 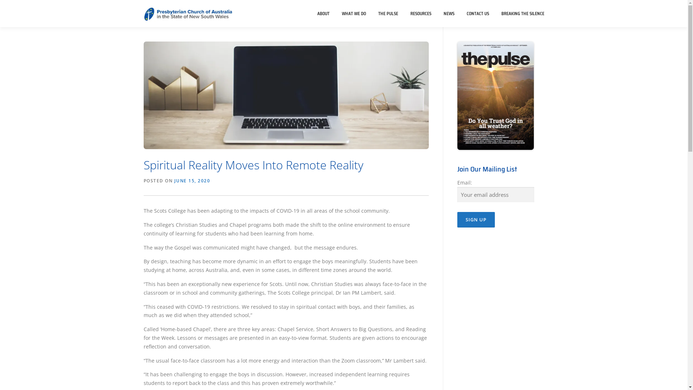 What do you see at coordinates (192, 180) in the screenshot?
I see `'JUNE 15, 2020'` at bounding box center [192, 180].